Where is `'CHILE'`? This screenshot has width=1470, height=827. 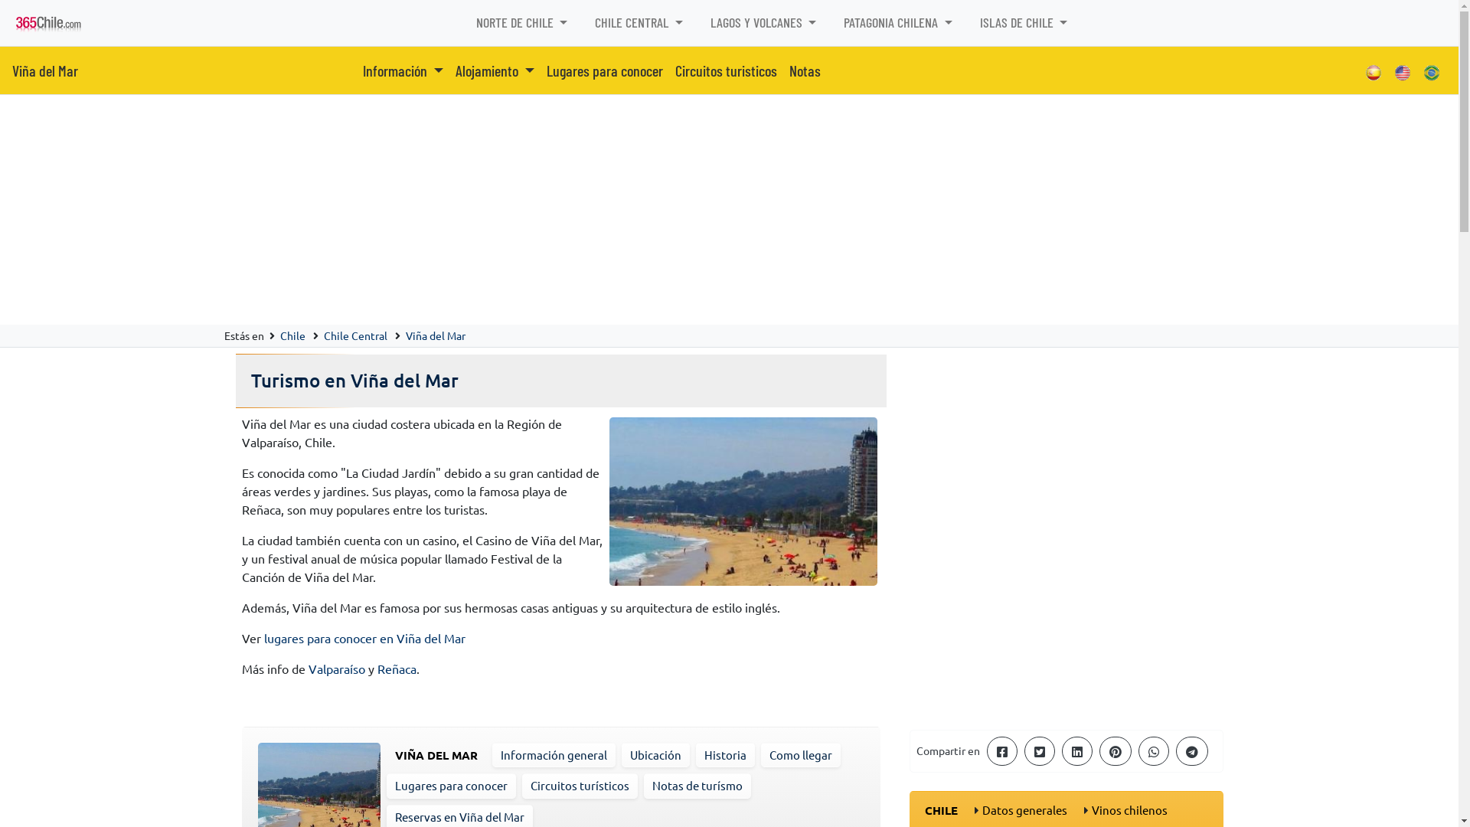 'CHILE' is located at coordinates (924, 809).